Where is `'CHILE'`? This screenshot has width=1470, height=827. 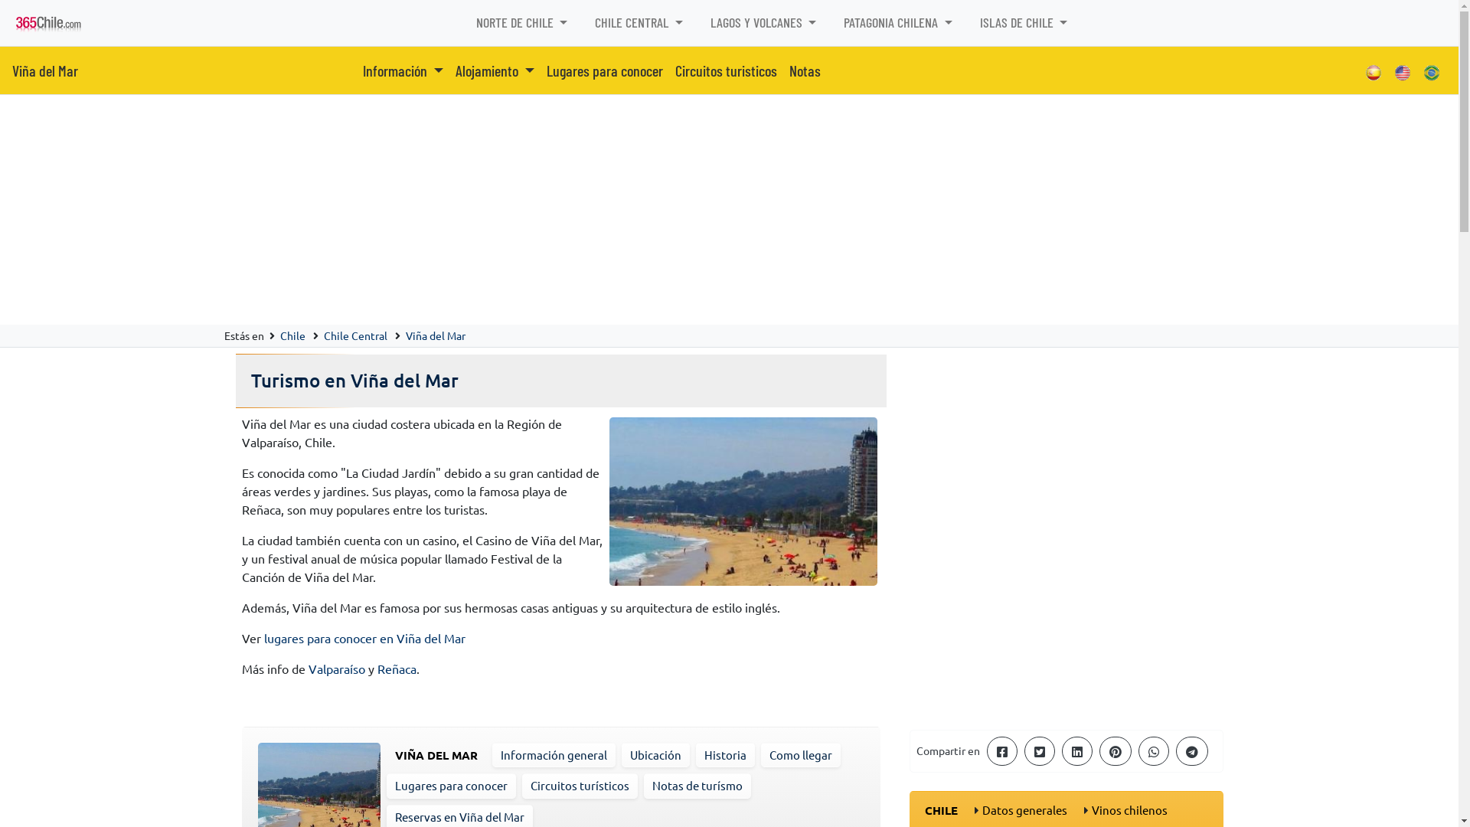 'CHILE' is located at coordinates (924, 809).